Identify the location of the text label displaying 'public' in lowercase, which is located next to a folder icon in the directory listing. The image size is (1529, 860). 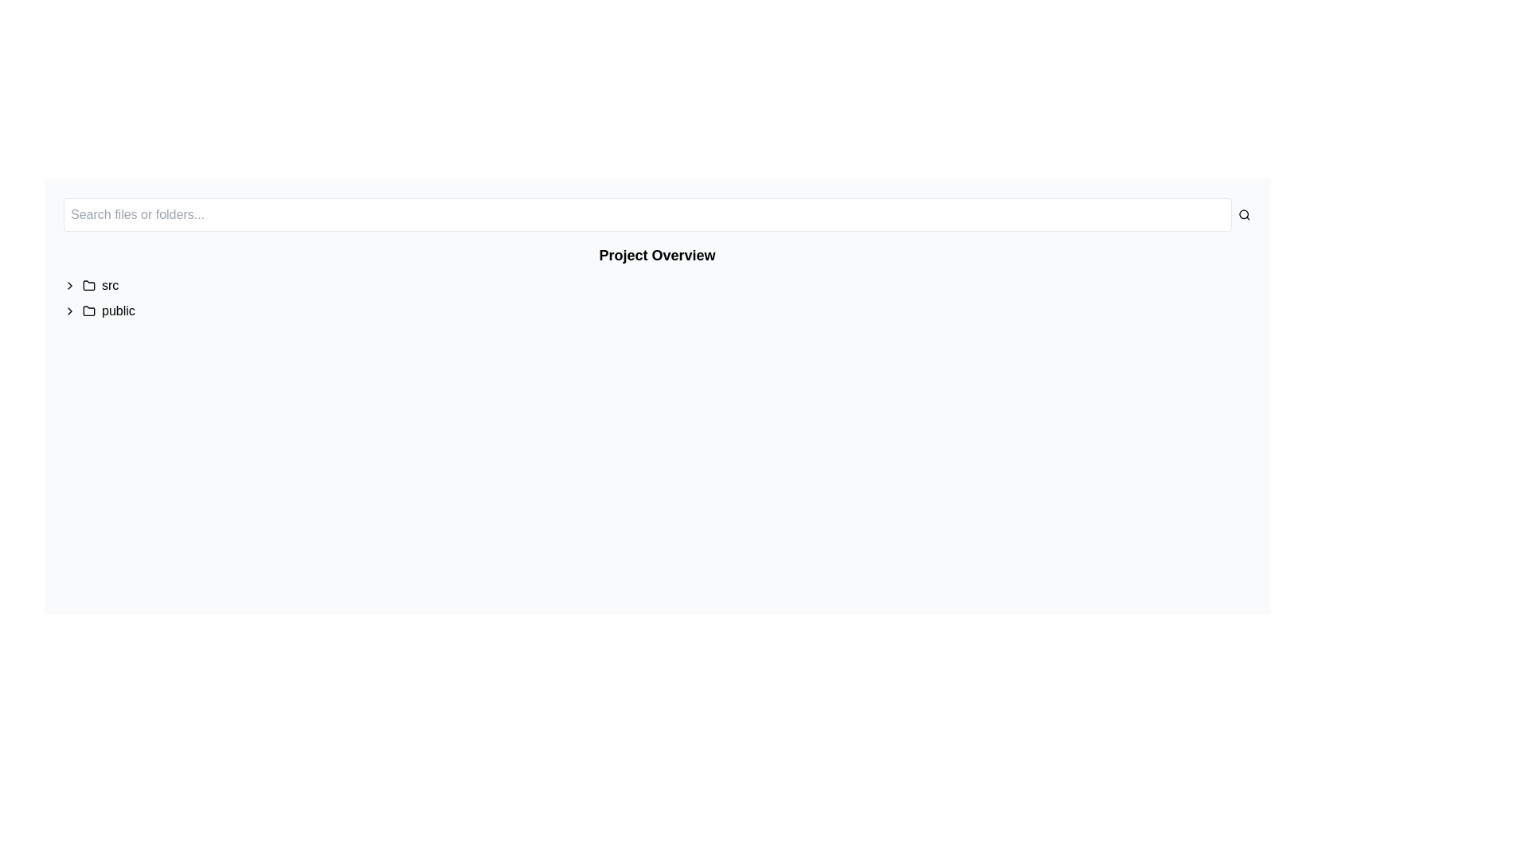
(117, 311).